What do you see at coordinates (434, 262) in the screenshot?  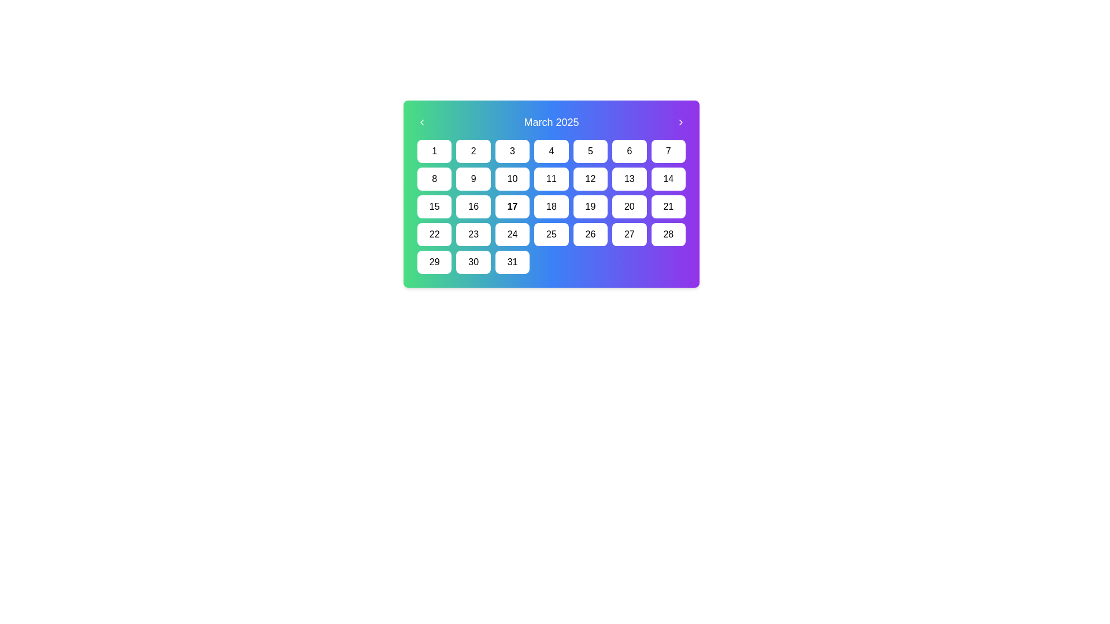 I see `the button representing the specific day in the calendar located in the last row and first column` at bounding box center [434, 262].